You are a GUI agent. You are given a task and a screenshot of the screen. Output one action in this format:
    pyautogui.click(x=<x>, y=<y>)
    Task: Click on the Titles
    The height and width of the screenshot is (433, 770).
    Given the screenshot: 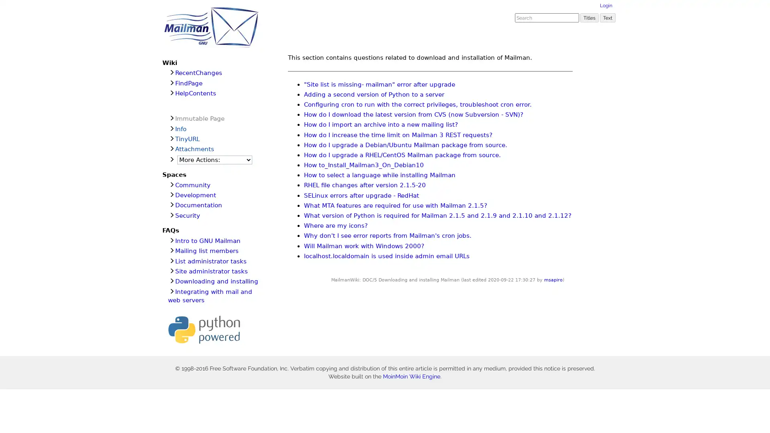 What is the action you would take?
    pyautogui.click(x=589, y=17)
    